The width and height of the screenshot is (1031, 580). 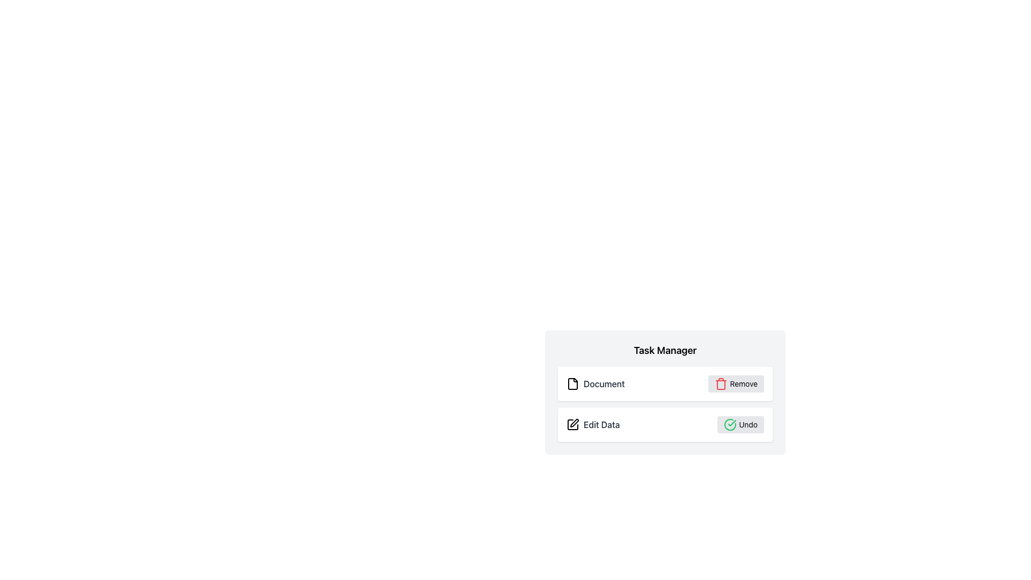 What do you see at coordinates (736, 383) in the screenshot?
I see `the 'Remove' button, which is a rectangular button with a gray background and a red trash icon, located to the right of the text 'Document' in the Task Manager interface` at bounding box center [736, 383].